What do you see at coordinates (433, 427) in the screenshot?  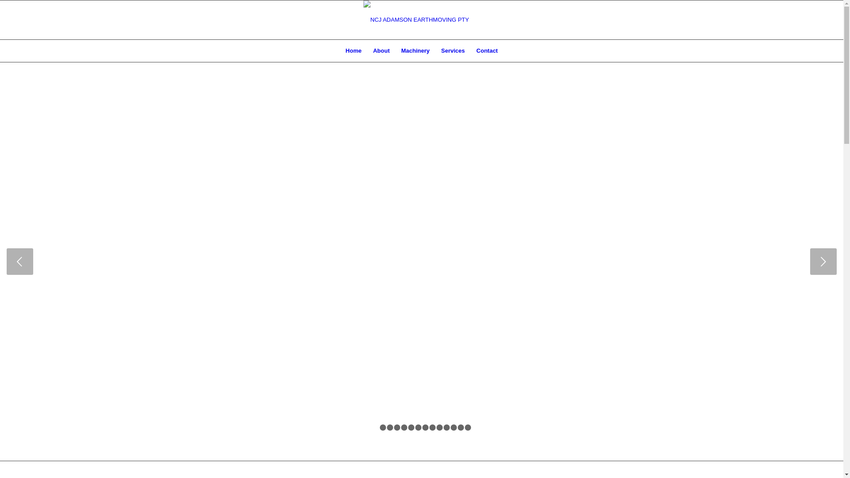 I see `'9'` at bounding box center [433, 427].